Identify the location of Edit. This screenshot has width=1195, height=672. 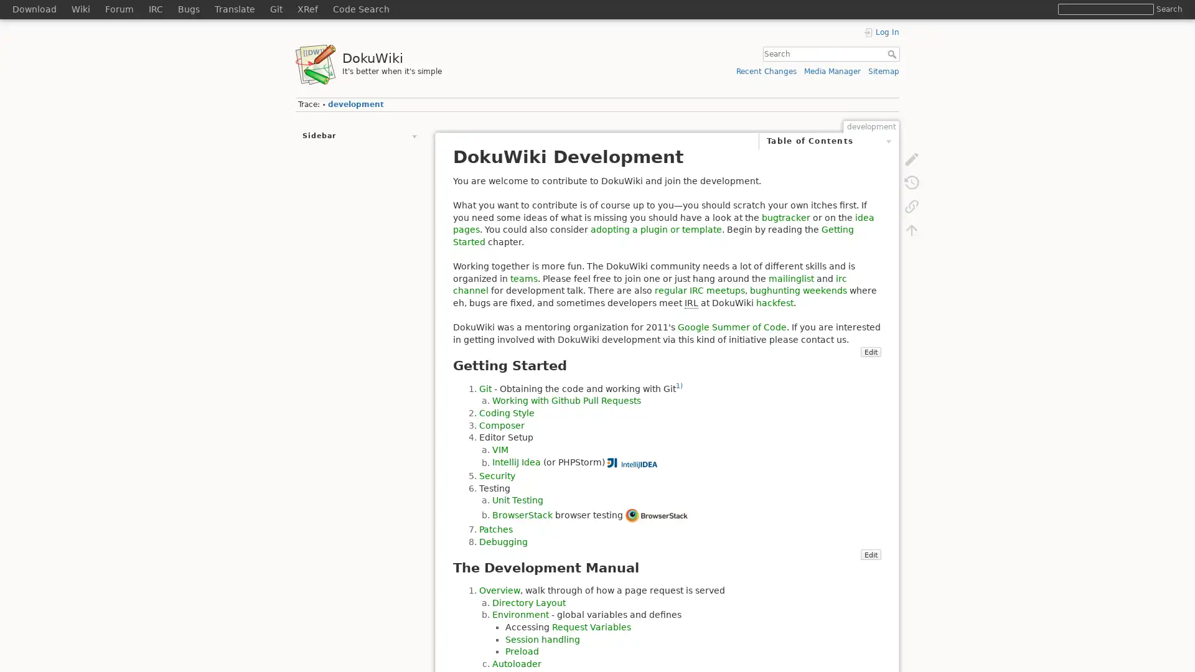
(869, 566).